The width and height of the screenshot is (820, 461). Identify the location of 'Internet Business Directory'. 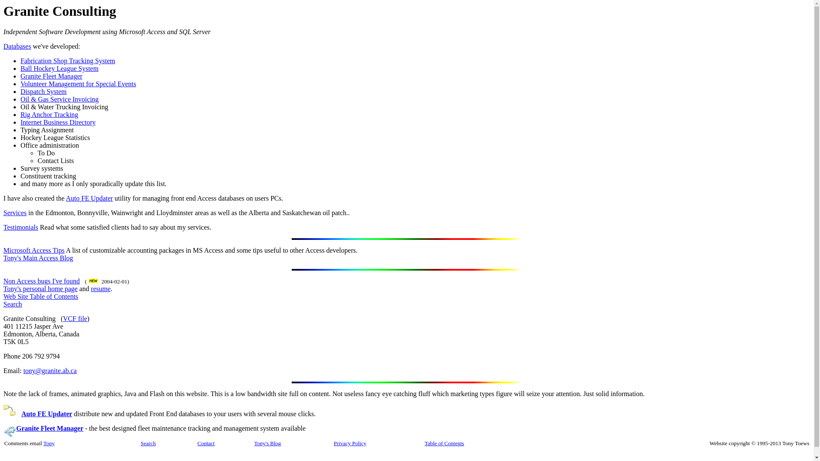
(57, 122).